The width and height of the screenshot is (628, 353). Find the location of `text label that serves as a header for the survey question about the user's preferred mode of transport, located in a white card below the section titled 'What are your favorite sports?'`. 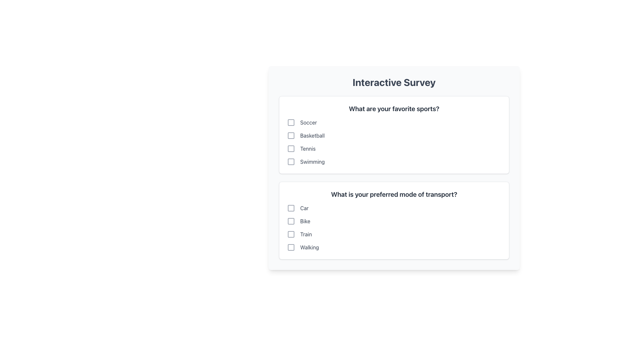

text label that serves as a header for the survey question about the user's preferred mode of transport, located in a white card below the section titled 'What are your favorite sports?' is located at coordinates (393, 194).